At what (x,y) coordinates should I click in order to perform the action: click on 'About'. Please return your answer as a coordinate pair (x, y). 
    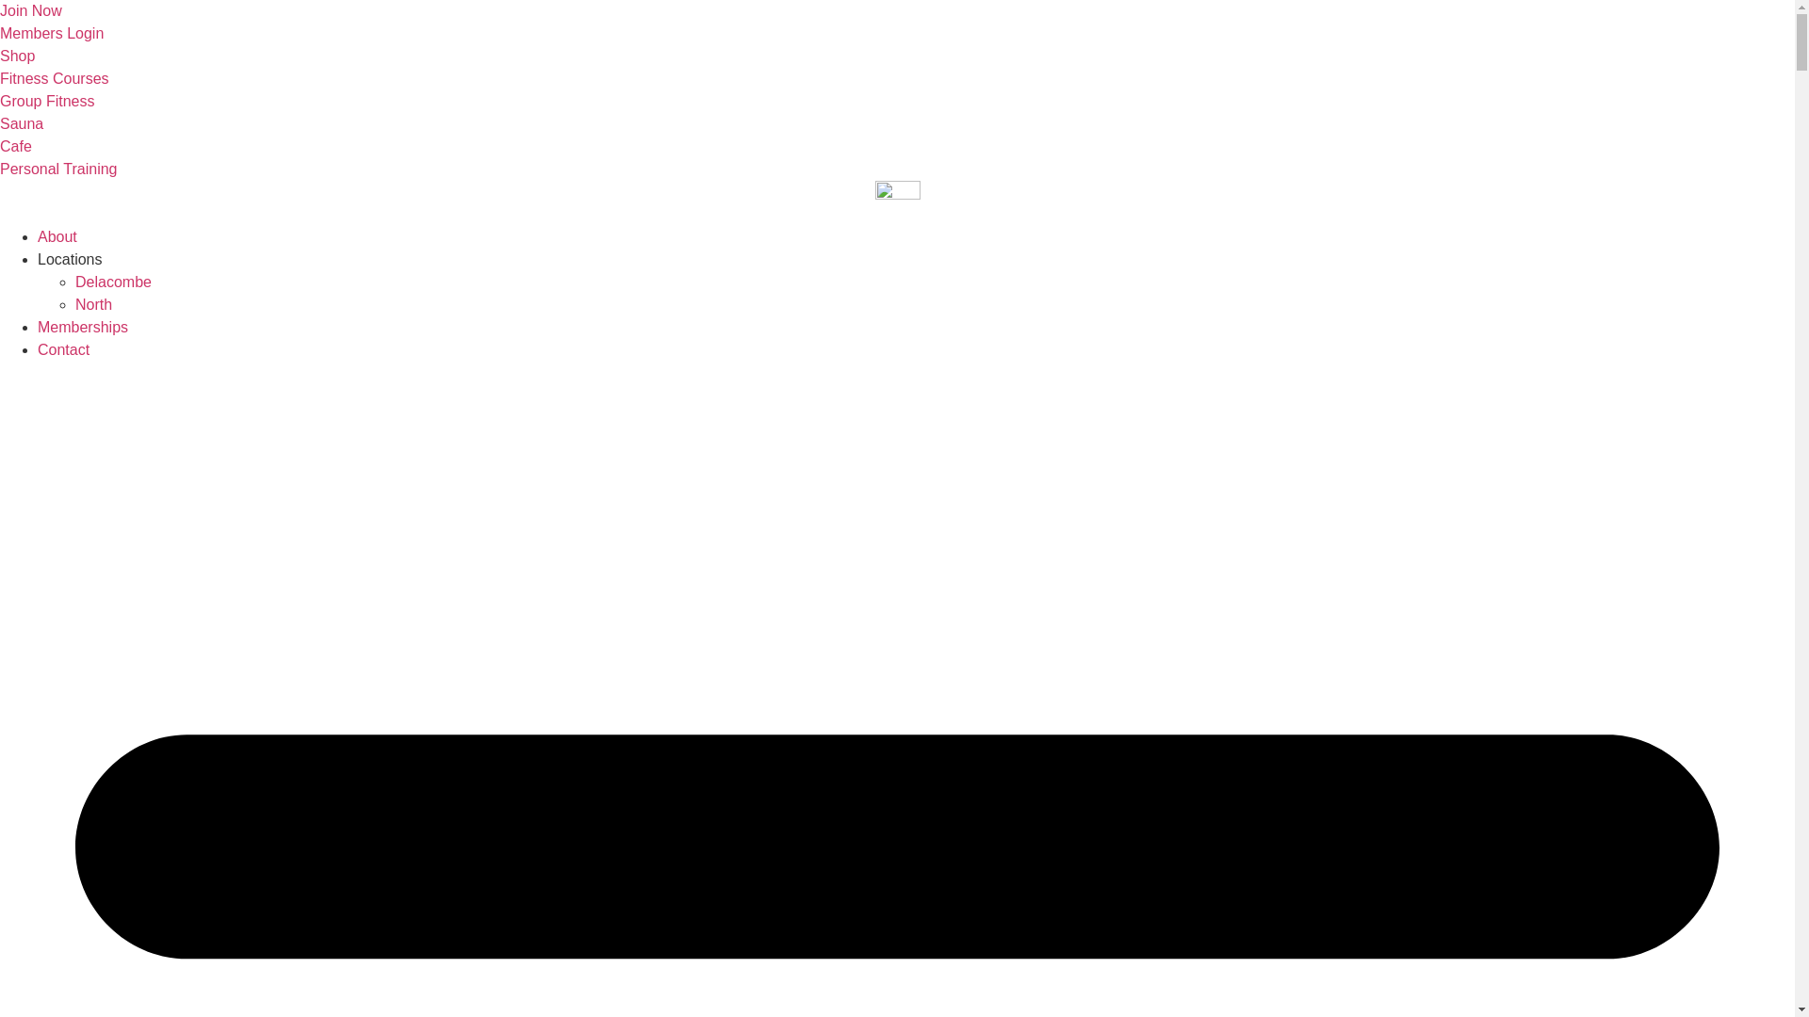
    Looking at the image, I should click on (57, 235).